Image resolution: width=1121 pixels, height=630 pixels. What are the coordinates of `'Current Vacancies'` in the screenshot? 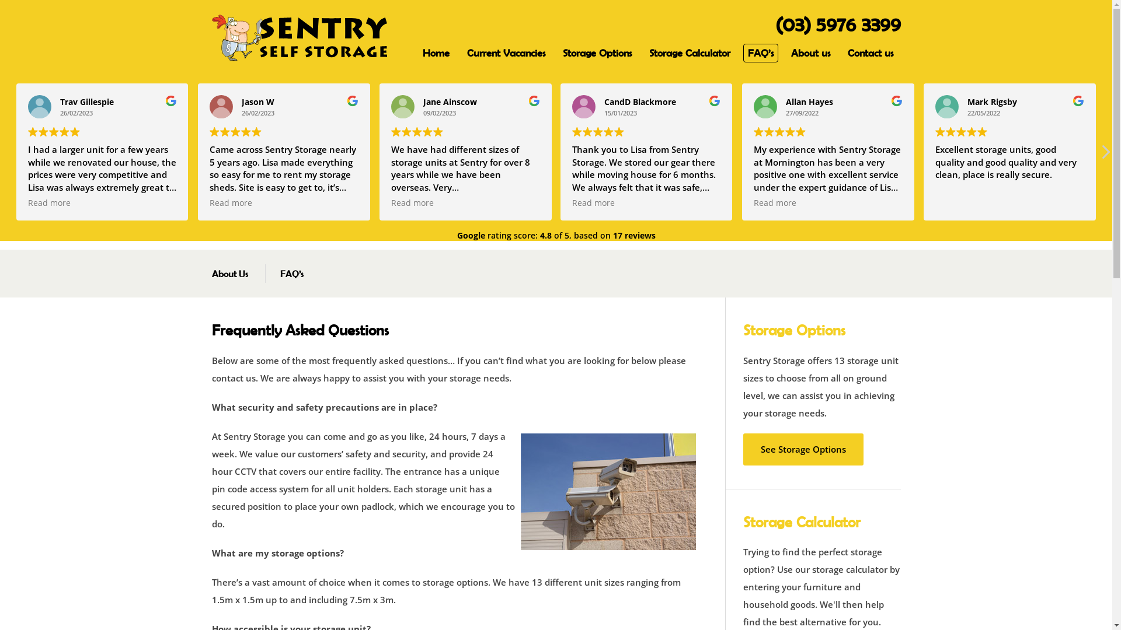 It's located at (506, 53).